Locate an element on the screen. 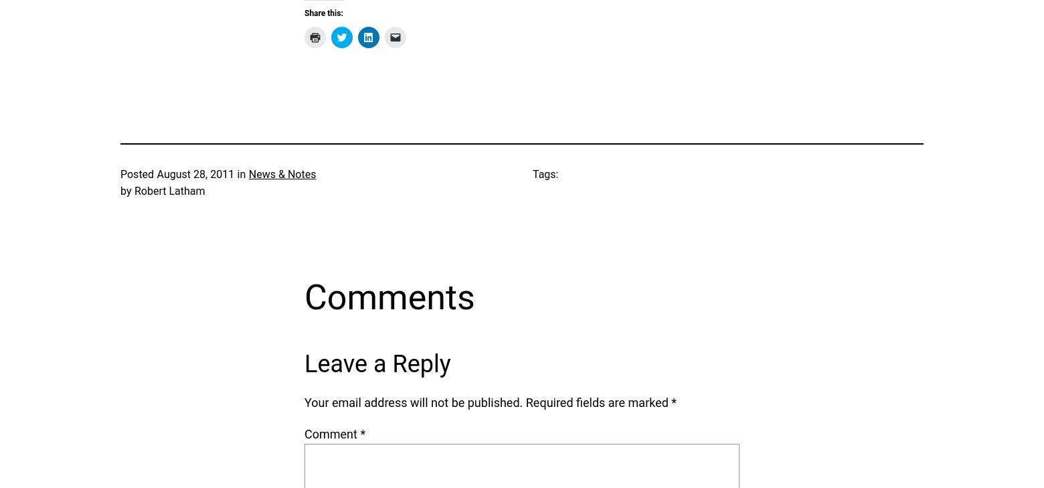 The height and width of the screenshot is (488, 1044). 'Tags:' is located at coordinates (533, 173).